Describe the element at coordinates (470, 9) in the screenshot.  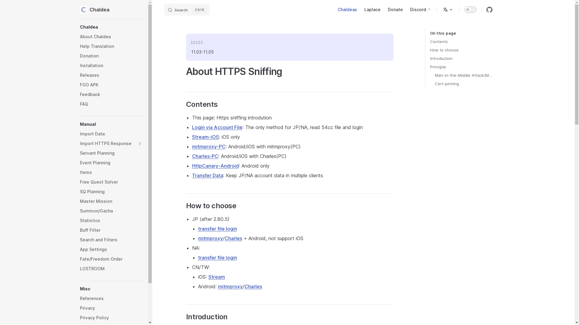
I see `'toggle dark mode'` at that location.